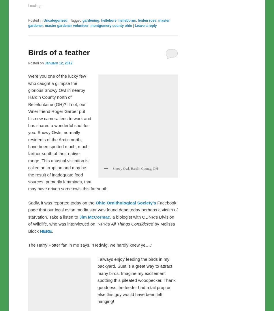 Image resolution: width=274 pixels, height=311 pixels. I want to click on 'master gardener volunteer', so click(67, 146).